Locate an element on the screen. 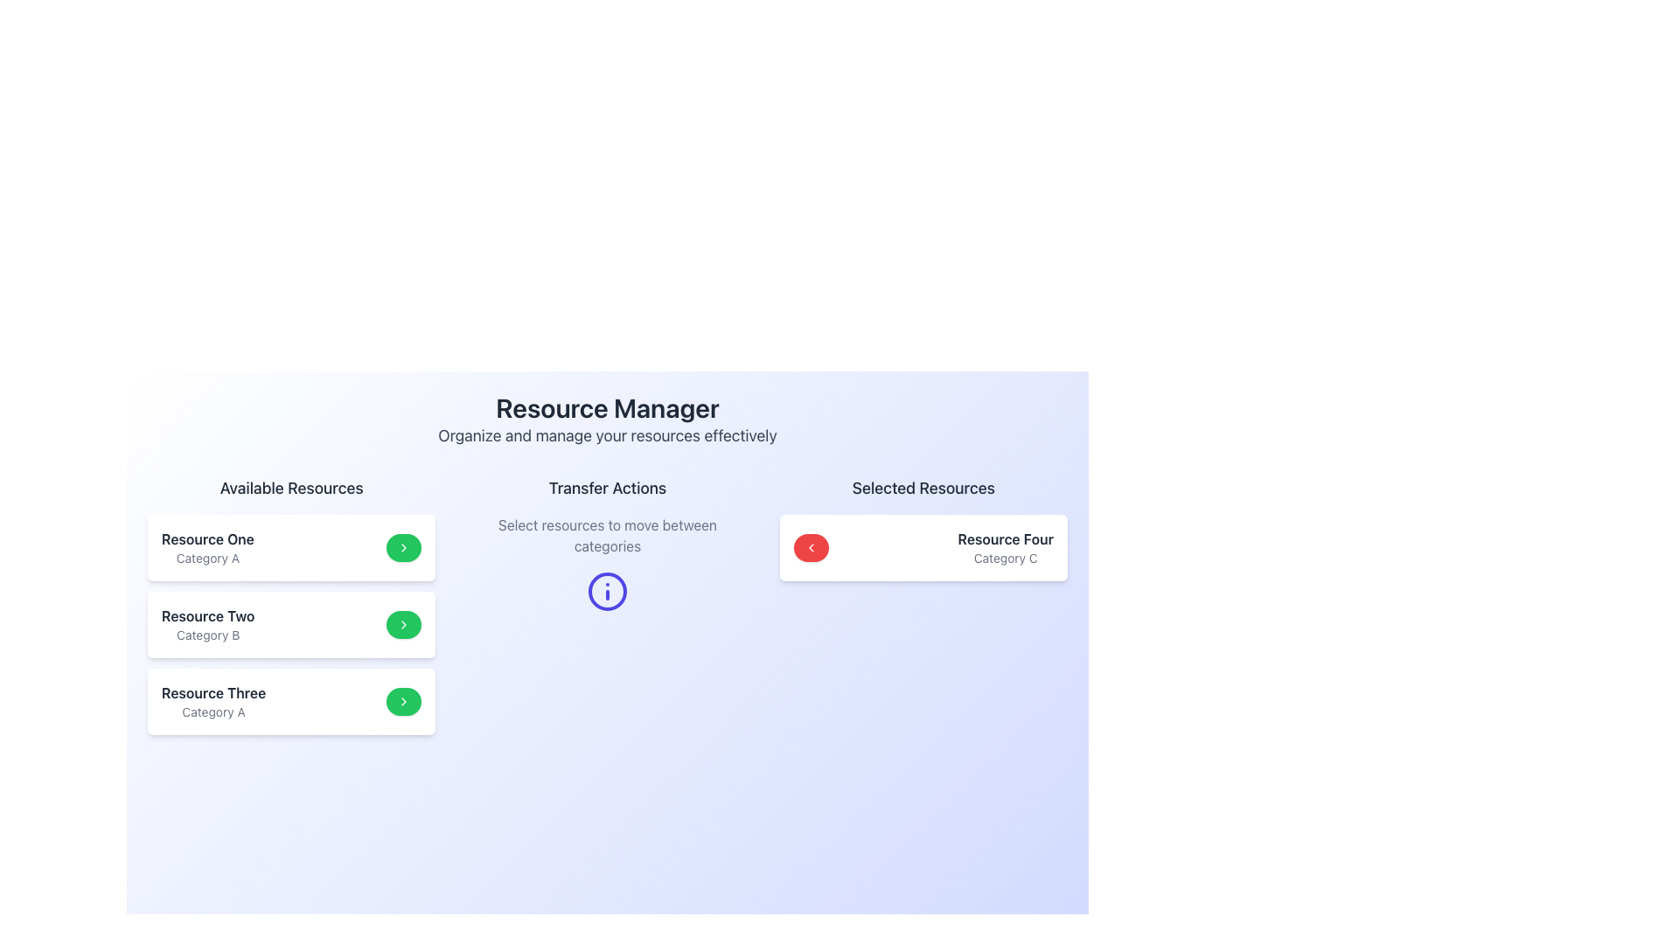 This screenshot has width=1679, height=944. the information icon located below the 'Select resources to move between categories' text in the 'Transfer Actions' section, which provides additional details or tooltips is located at coordinates (608, 591).